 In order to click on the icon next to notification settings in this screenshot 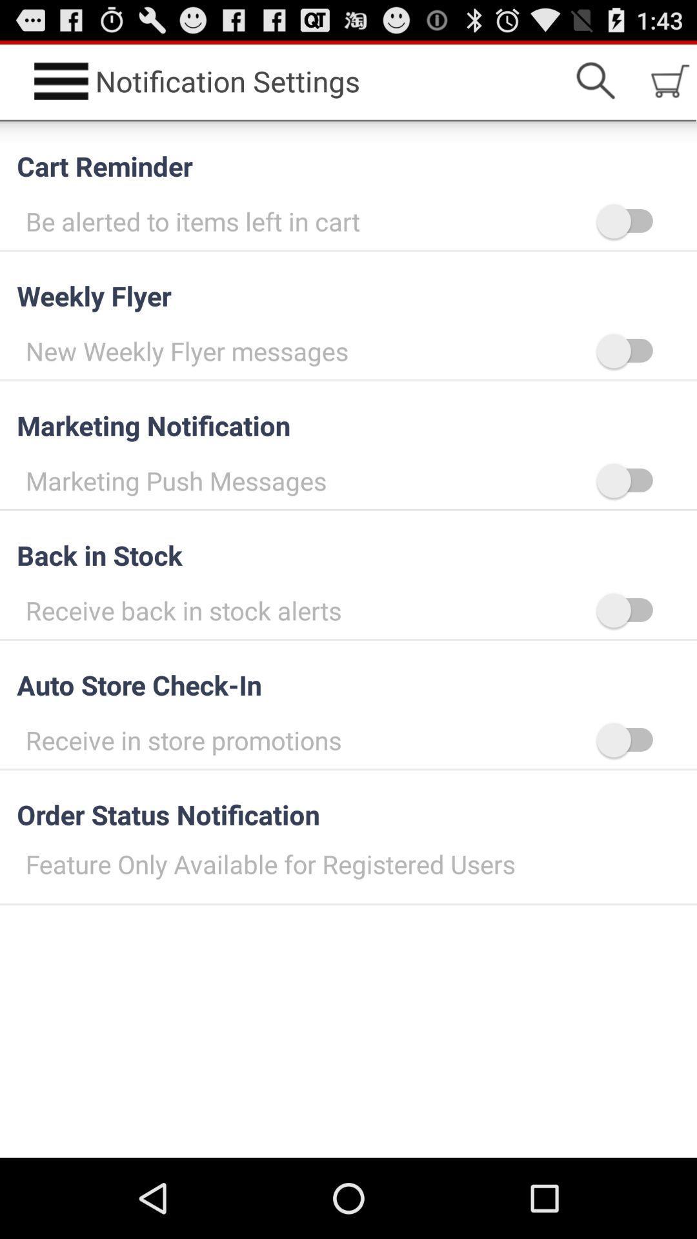, I will do `click(595, 80)`.